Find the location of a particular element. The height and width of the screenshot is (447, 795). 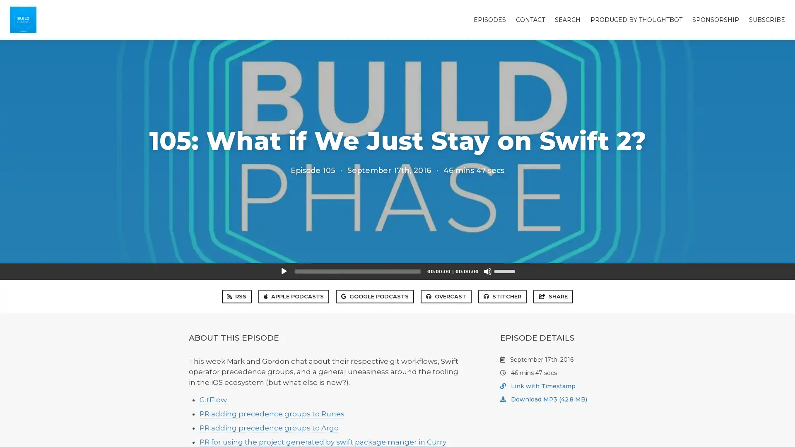

Play is located at coordinates (284, 271).